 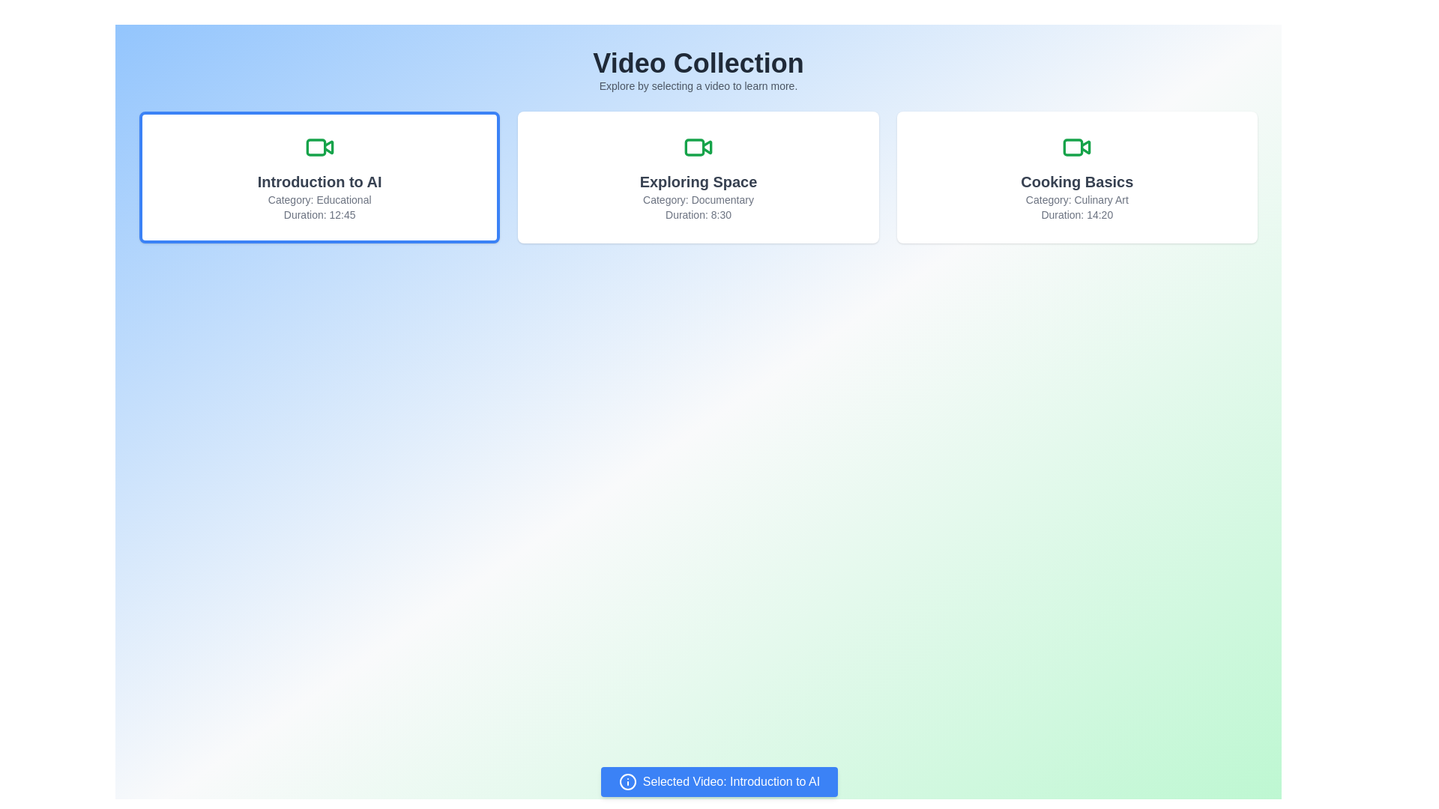 What do you see at coordinates (627, 781) in the screenshot?
I see `the circle element which is part of an SVG graphic, located at the center of the grouped components within the button labeled 'Selected Video: Introduction to AI'` at bounding box center [627, 781].